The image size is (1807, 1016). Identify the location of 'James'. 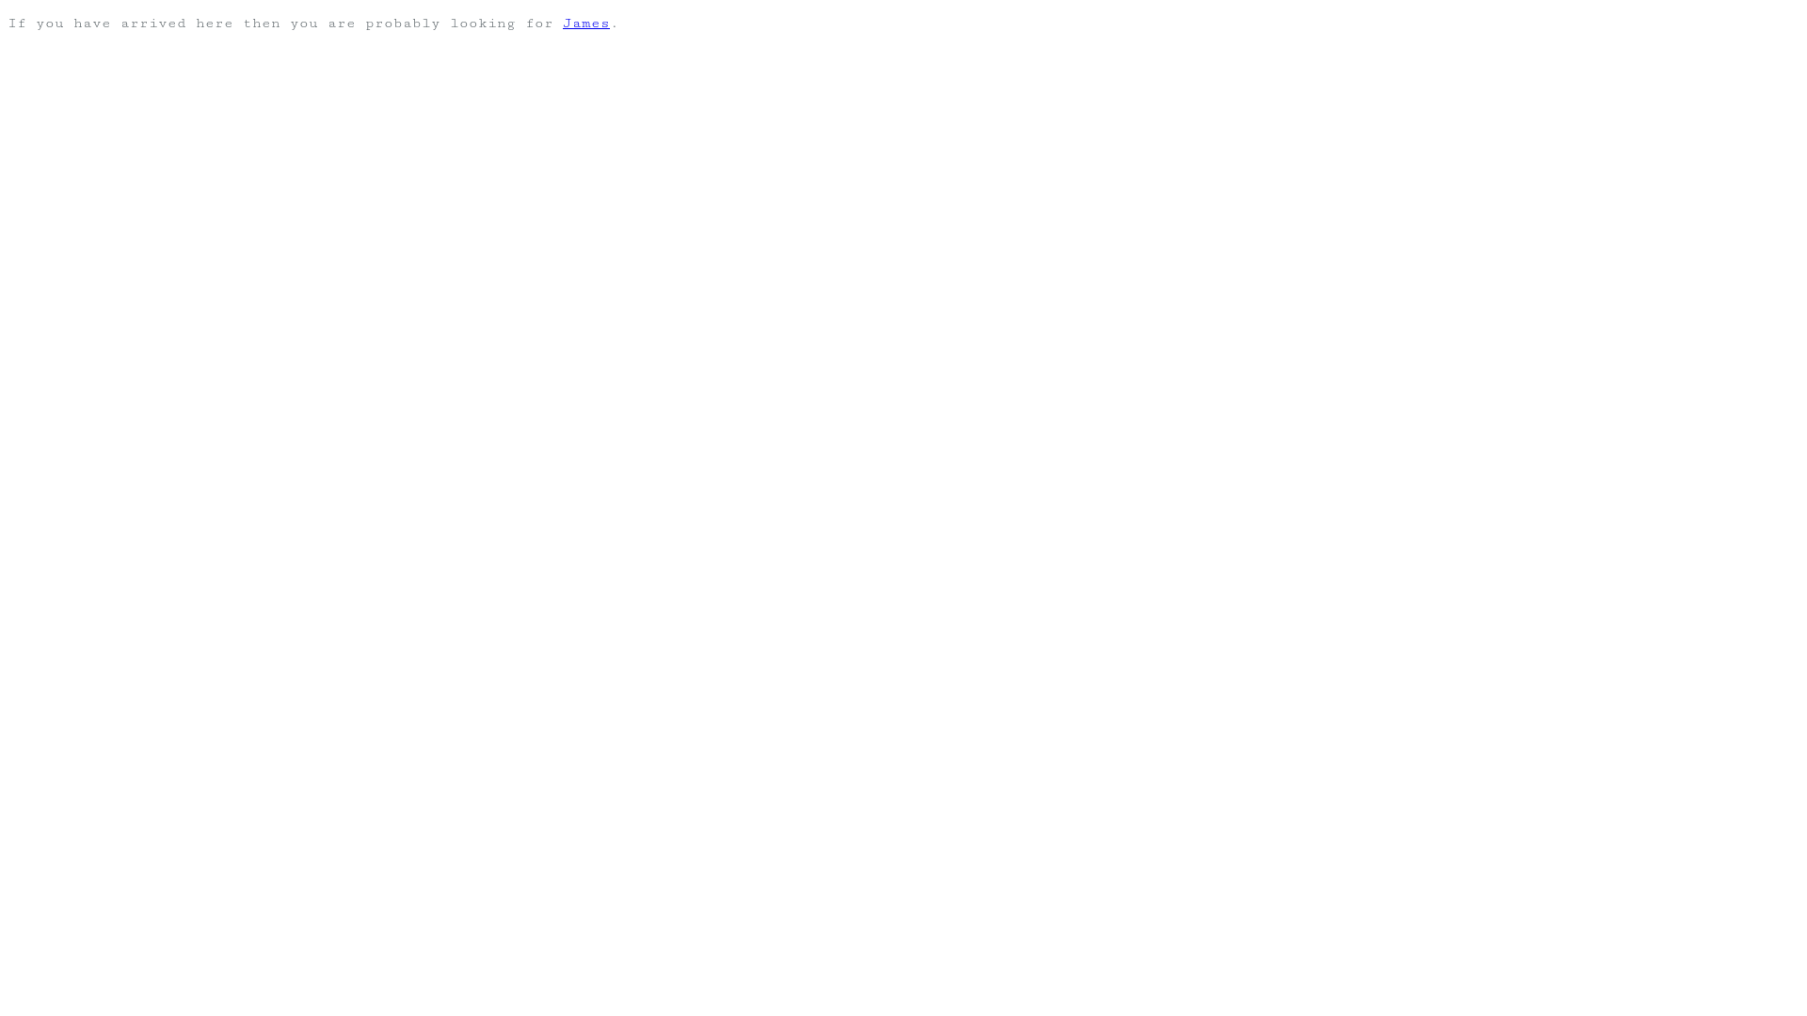
(585, 23).